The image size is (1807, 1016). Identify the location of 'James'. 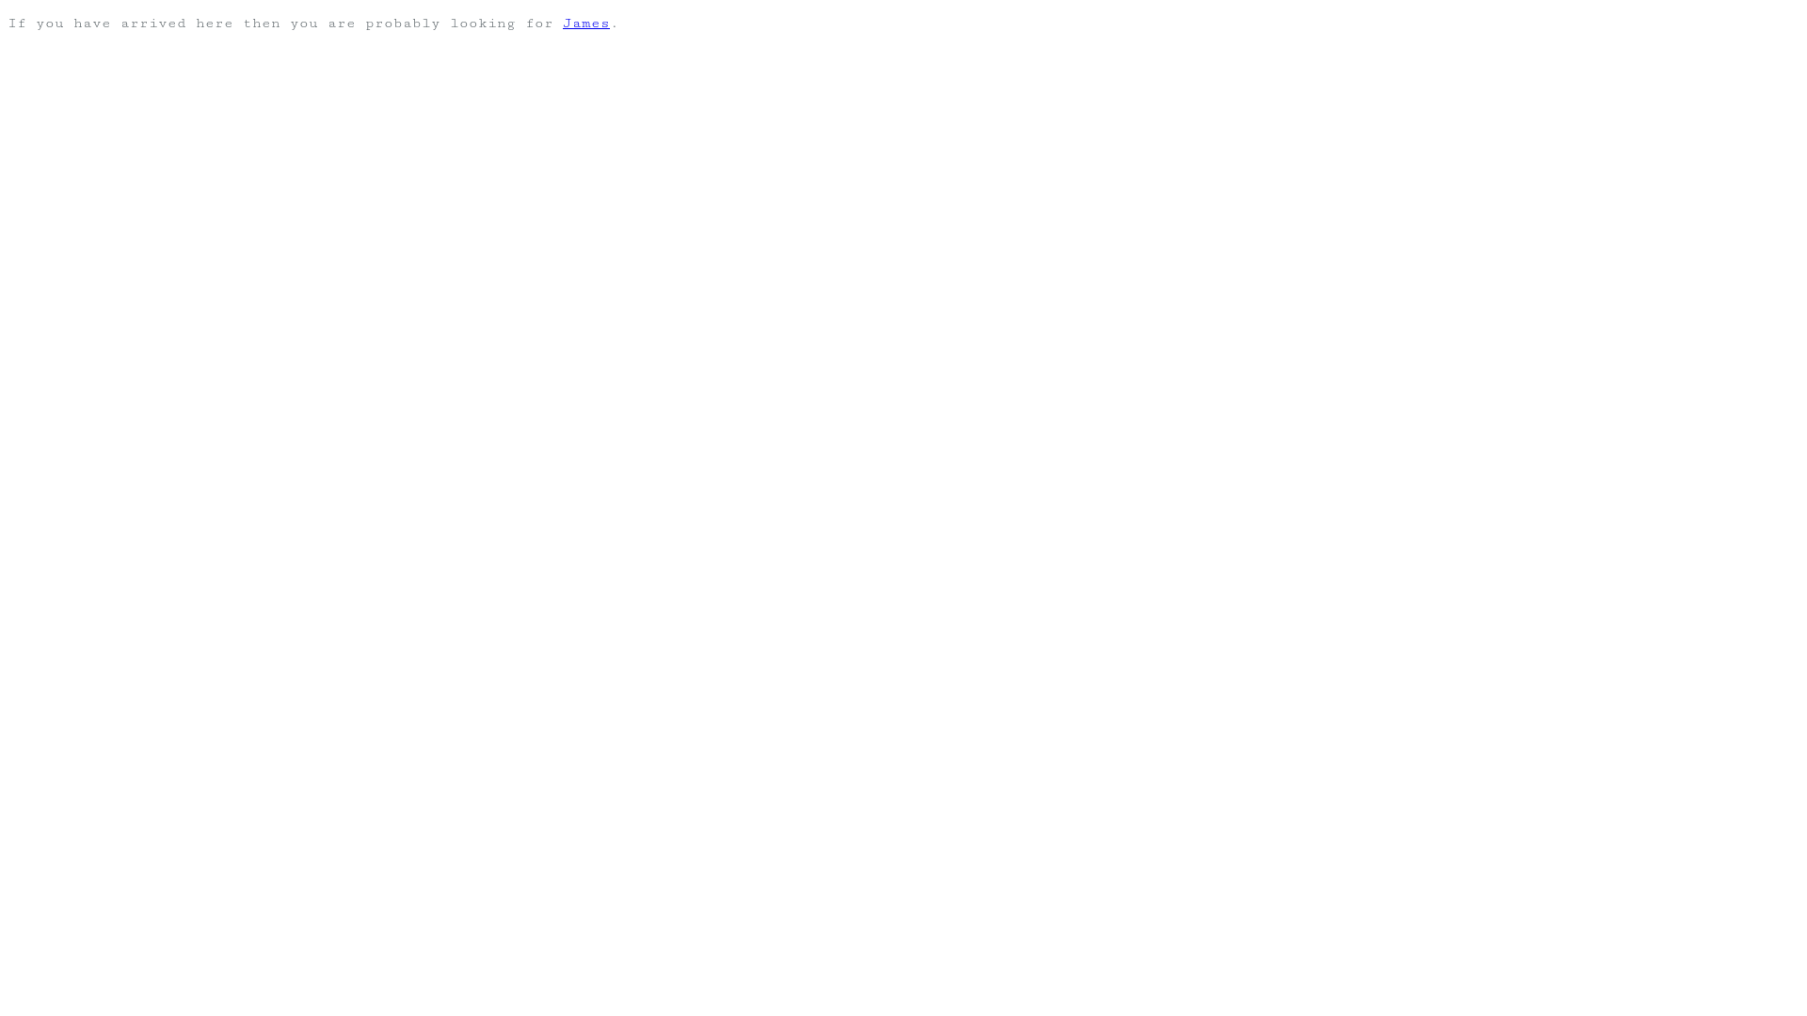
(585, 23).